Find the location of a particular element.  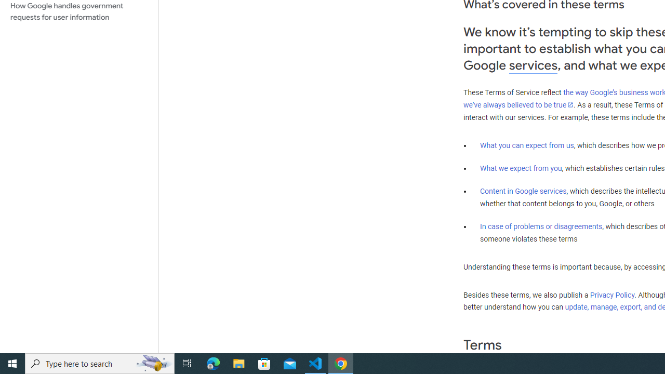

'Privacy Policy' is located at coordinates (612, 295).